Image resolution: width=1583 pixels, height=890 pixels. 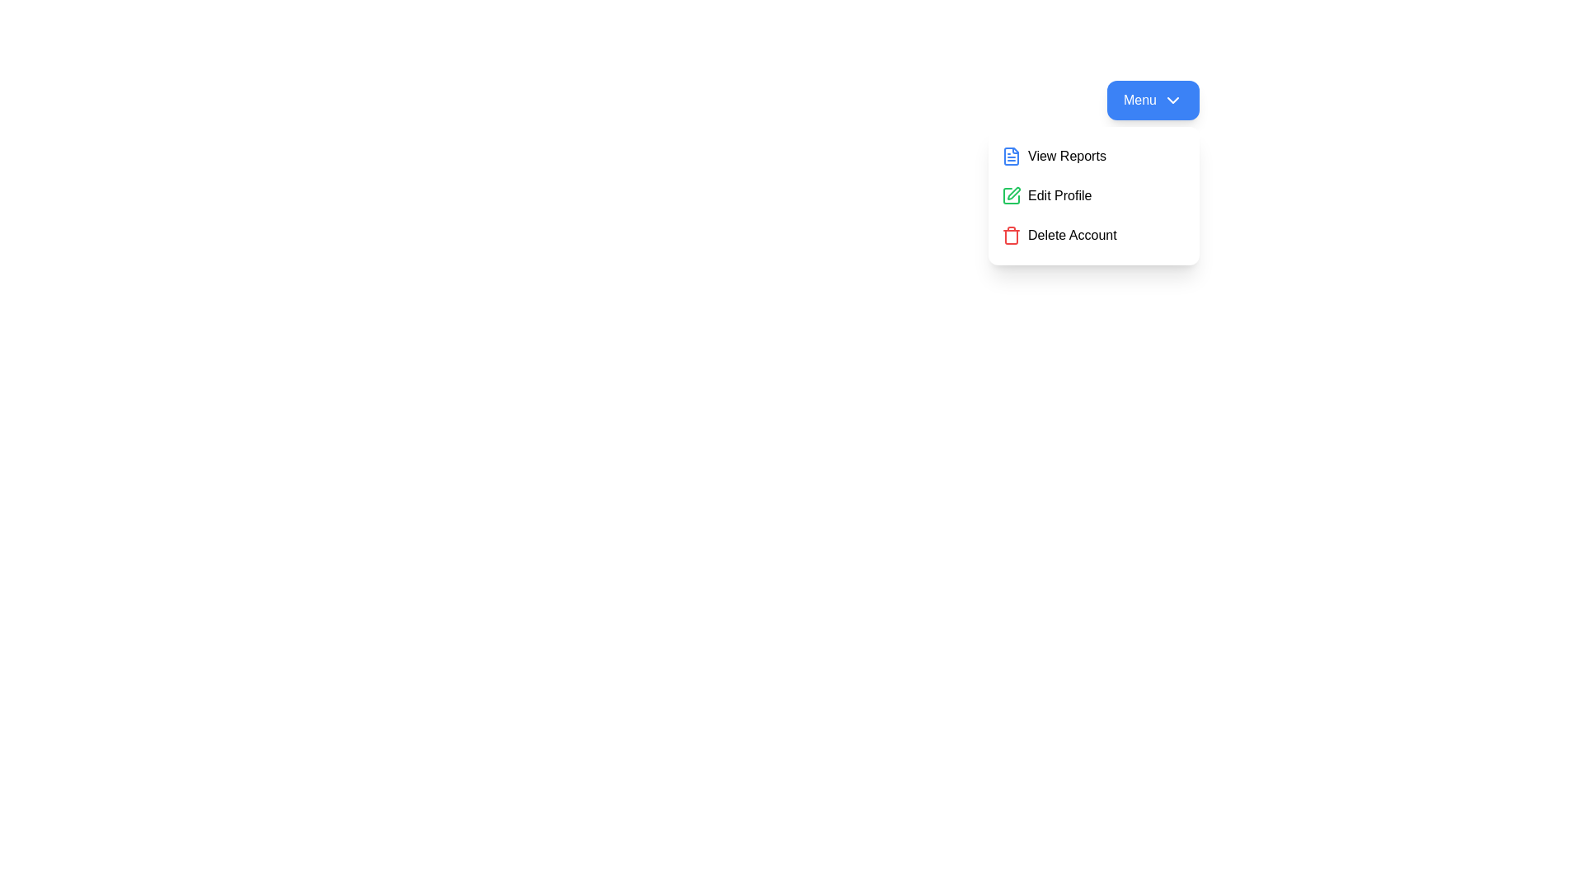 I want to click on the 'View Reports' option in the menu, so click(x=1093, y=156).